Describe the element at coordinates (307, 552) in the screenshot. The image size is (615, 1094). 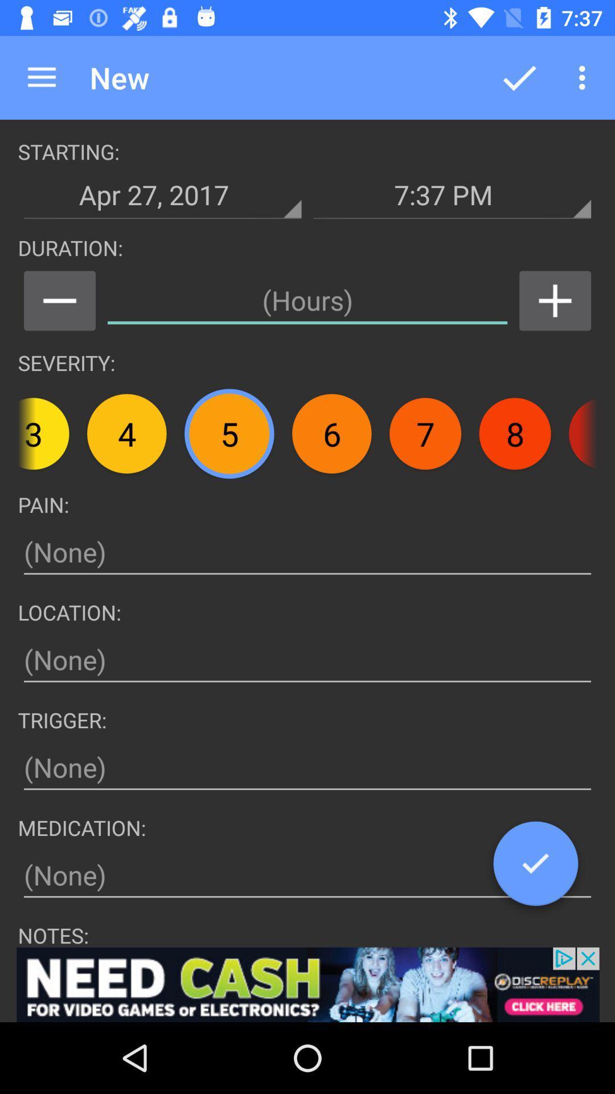
I see `put symptoms` at that location.